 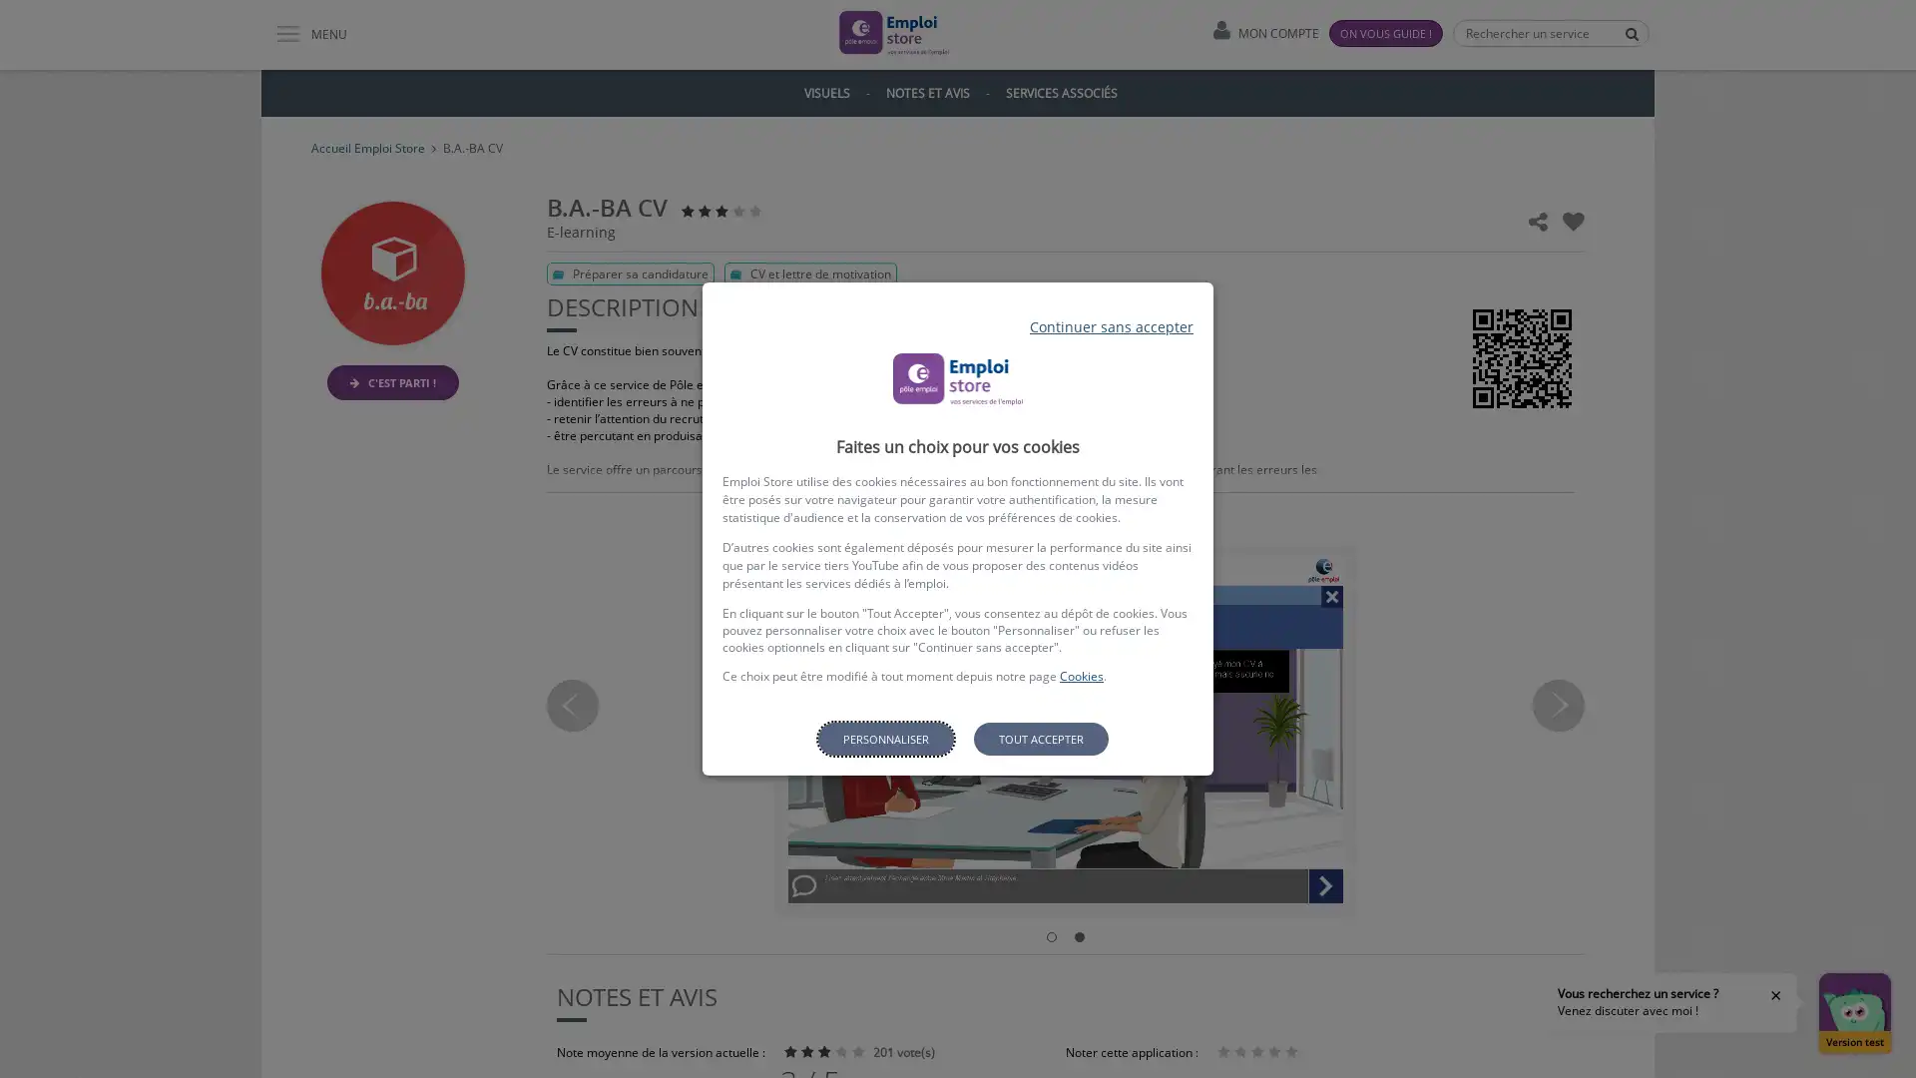 What do you see at coordinates (1085, 803) in the screenshot?
I see `AUTORISER` at bounding box center [1085, 803].